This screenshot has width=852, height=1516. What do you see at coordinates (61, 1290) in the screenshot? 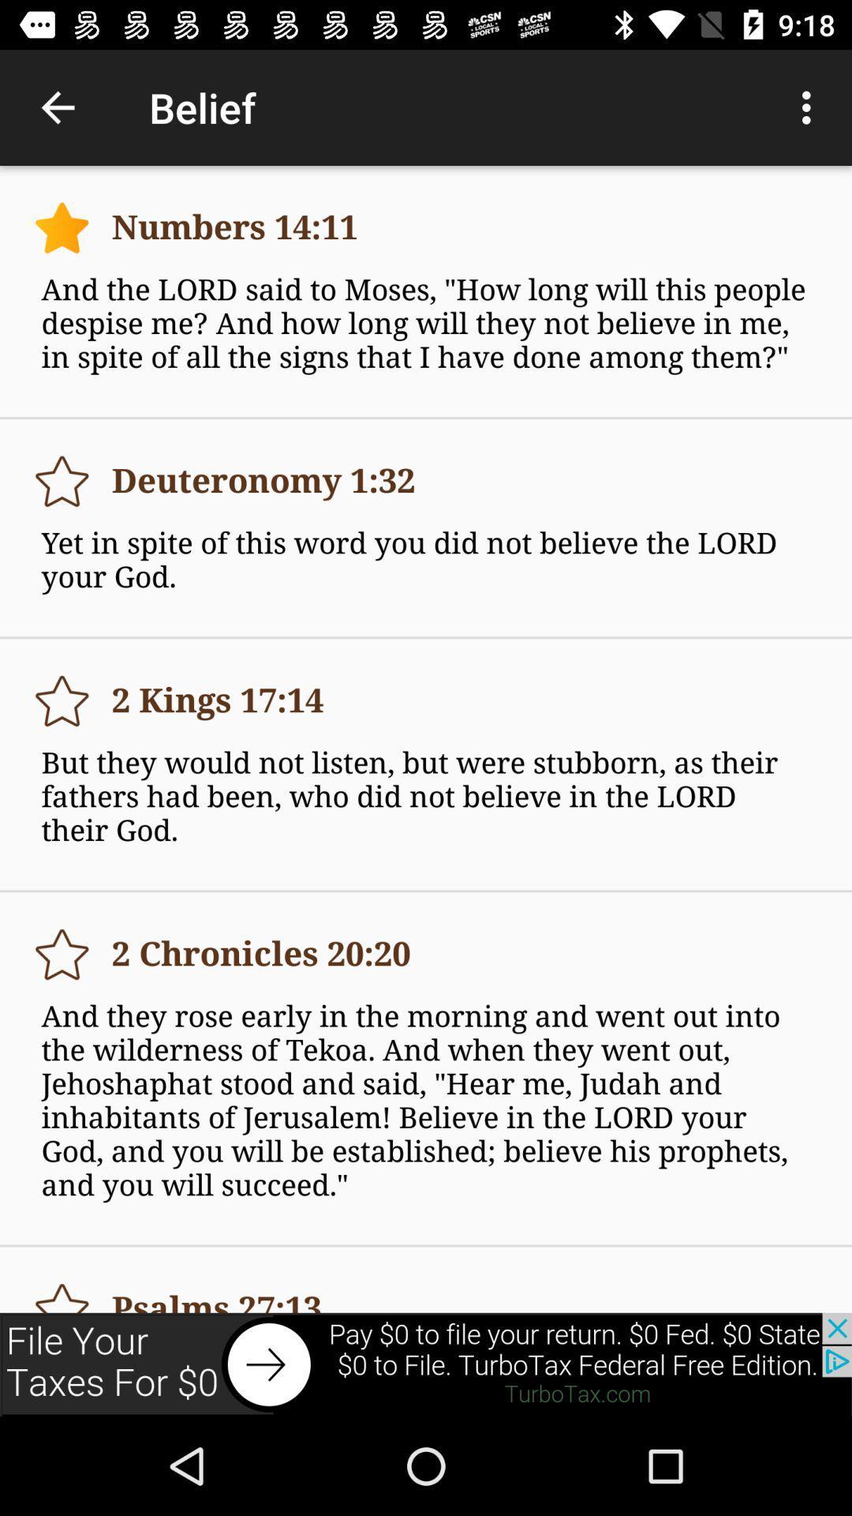
I see `file` at bounding box center [61, 1290].